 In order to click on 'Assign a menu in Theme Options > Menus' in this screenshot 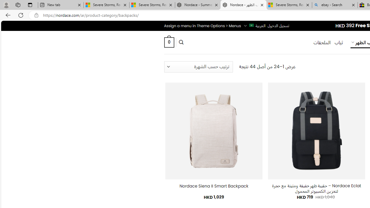, I will do `click(202, 25)`.